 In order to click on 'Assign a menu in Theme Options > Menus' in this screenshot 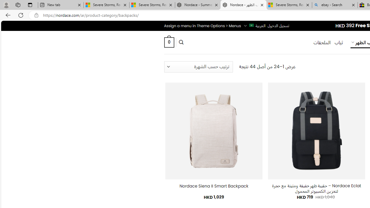, I will do `click(202, 25)`.